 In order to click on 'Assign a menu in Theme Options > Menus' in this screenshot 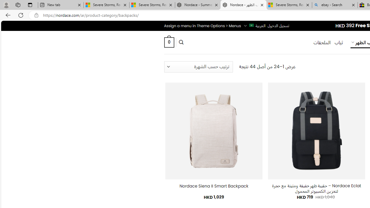, I will do `click(202, 25)`.